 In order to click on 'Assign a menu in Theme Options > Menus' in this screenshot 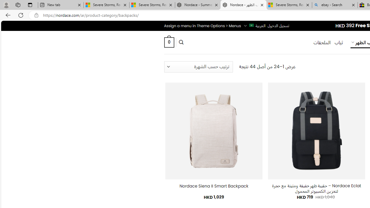, I will do `click(202, 25)`.